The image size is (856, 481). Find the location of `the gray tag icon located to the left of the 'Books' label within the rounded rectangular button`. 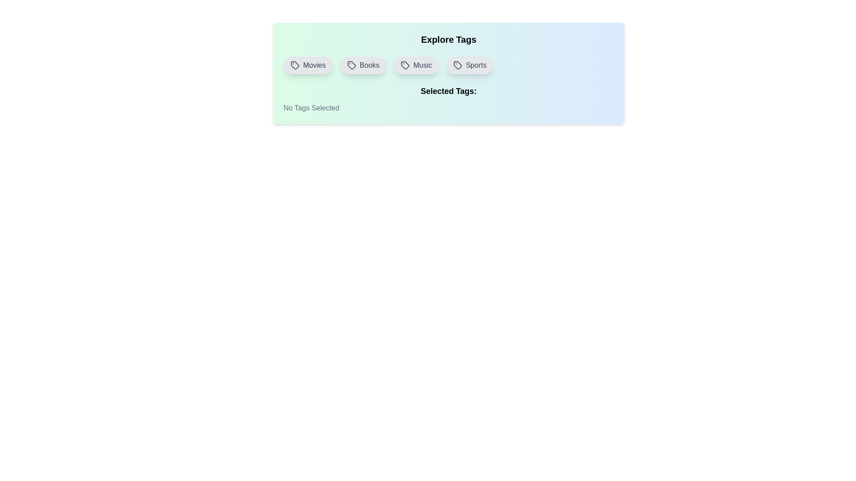

the gray tag icon located to the left of the 'Books' label within the rounded rectangular button is located at coordinates (351, 65).